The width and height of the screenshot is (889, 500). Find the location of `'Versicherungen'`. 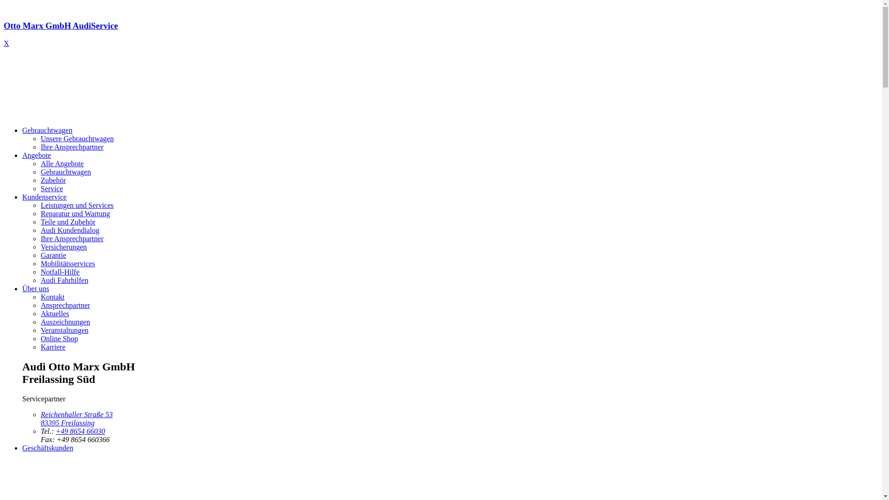

'Versicherungen' is located at coordinates (40, 246).